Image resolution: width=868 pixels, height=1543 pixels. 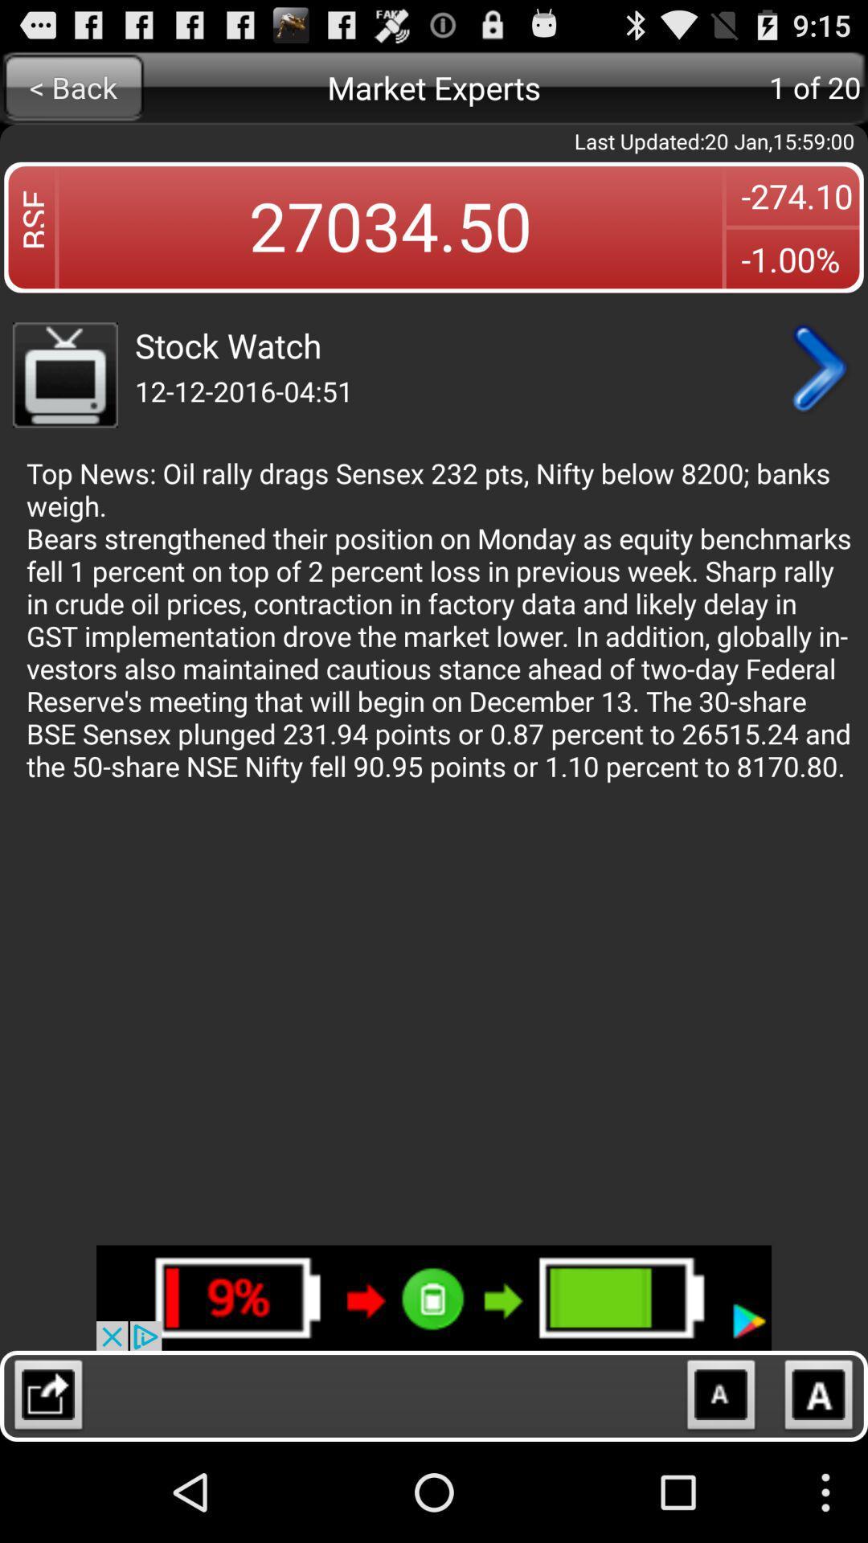 What do you see at coordinates (817, 395) in the screenshot?
I see `the arrow_forward icon` at bounding box center [817, 395].